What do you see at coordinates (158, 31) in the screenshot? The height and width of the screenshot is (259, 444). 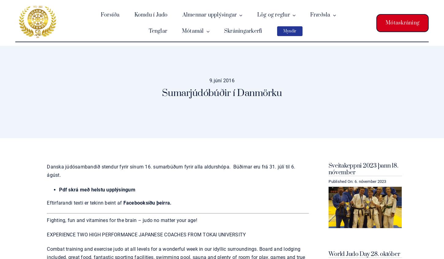 I see `'Tenglar'` at bounding box center [158, 31].